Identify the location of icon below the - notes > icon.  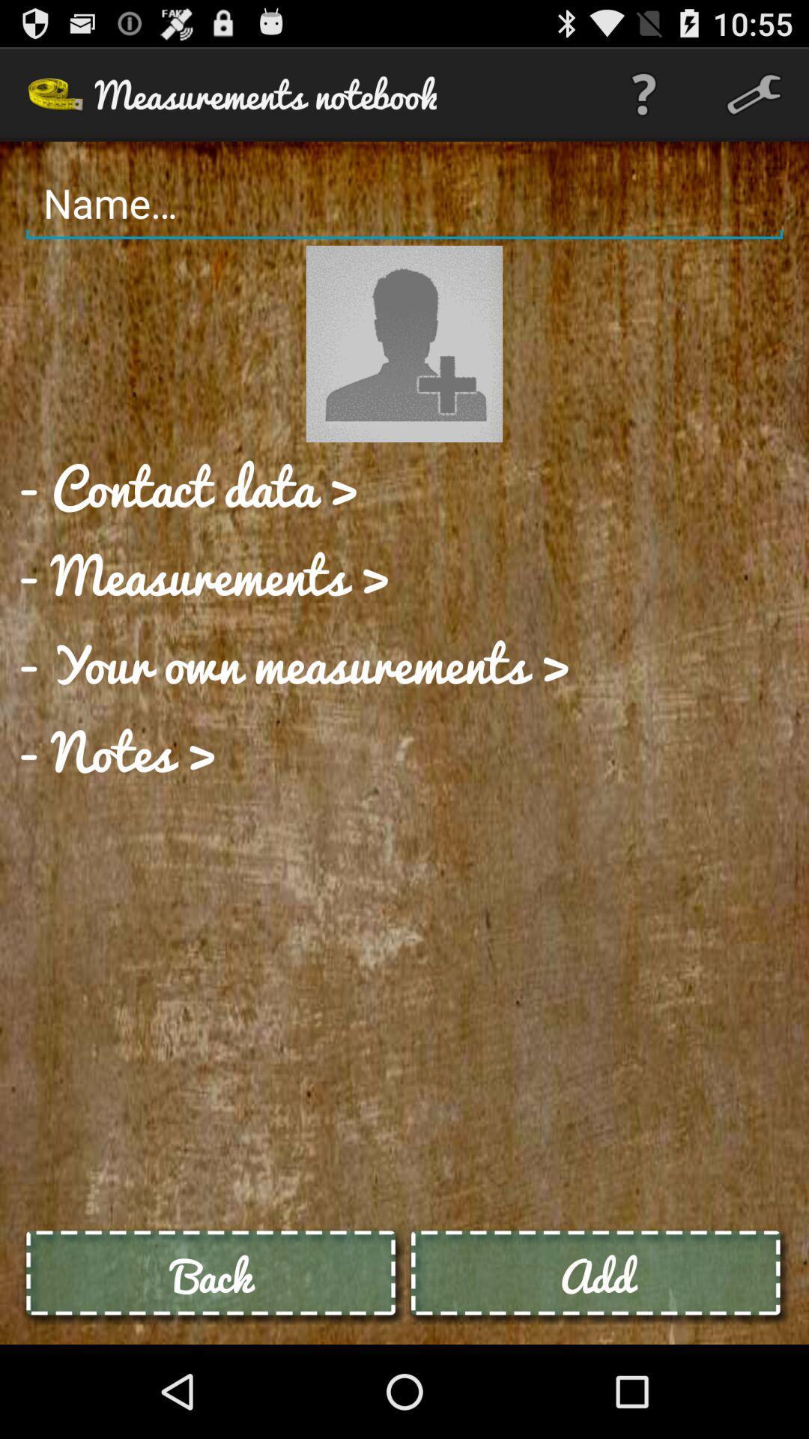
(212, 1275).